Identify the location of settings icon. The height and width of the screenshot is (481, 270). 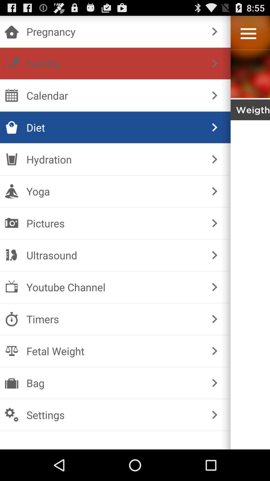
(114, 415).